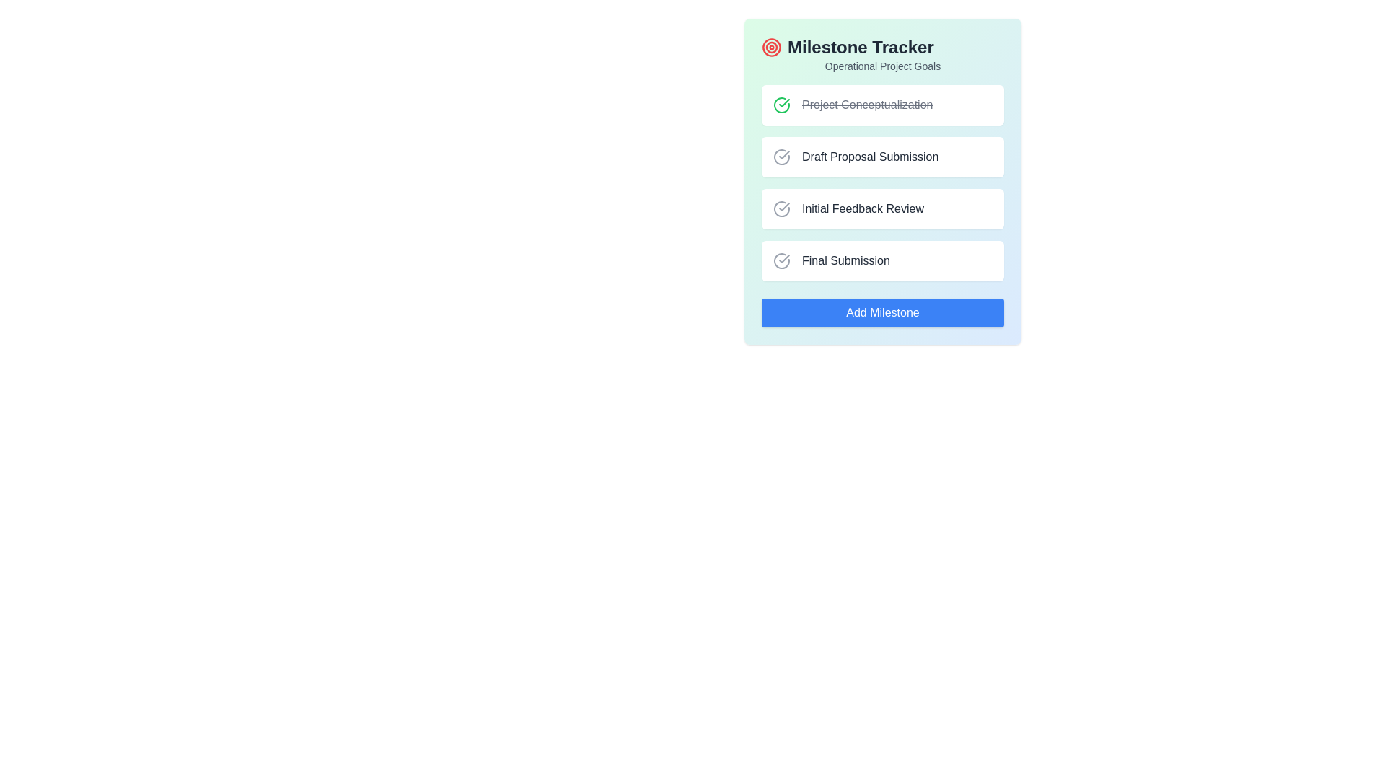 The width and height of the screenshot is (1385, 779). Describe the element at coordinates (882, 208) in the screenshot. I see `the Milestone item labeled 'Initial Feedback Review' in the Milestone Tracker section` at that location.